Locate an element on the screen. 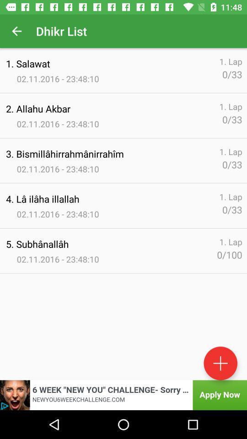  website is located at coordinates (123, 395).